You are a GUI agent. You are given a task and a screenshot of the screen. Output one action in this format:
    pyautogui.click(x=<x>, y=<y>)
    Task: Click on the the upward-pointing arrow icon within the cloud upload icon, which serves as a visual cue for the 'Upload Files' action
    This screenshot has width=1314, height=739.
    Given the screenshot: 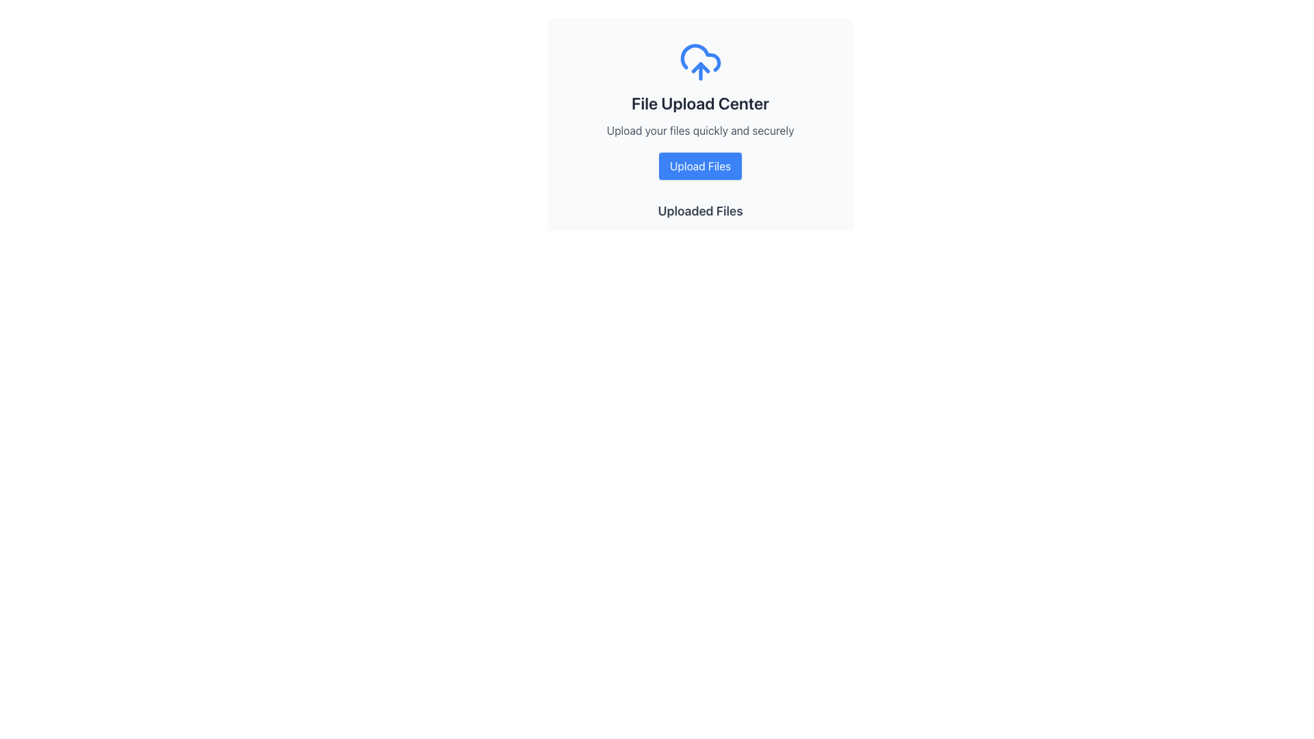 What is the action you would take?
    pyautogui.click(x=700, y=68)
    